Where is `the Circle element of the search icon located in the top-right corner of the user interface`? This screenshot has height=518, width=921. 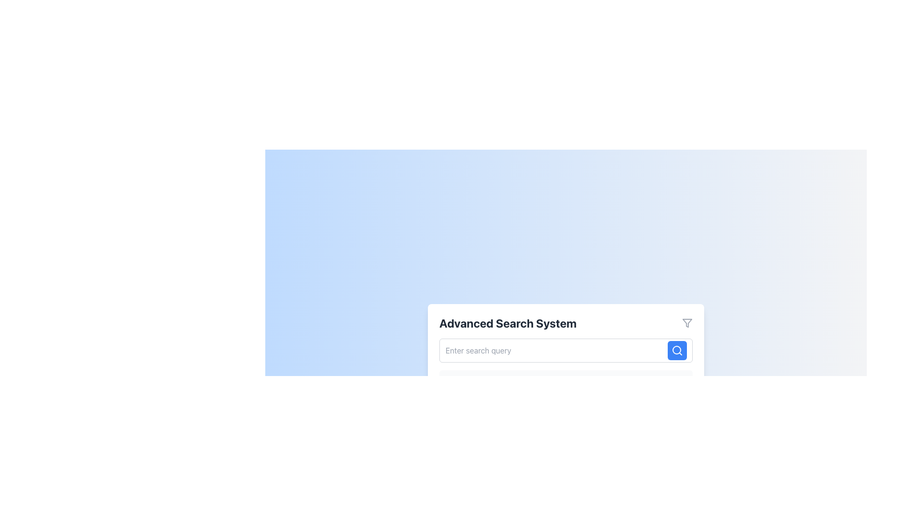
the Circle element of the search icon located in the top-right corner of the user interface is located at coordinates (676, 350).